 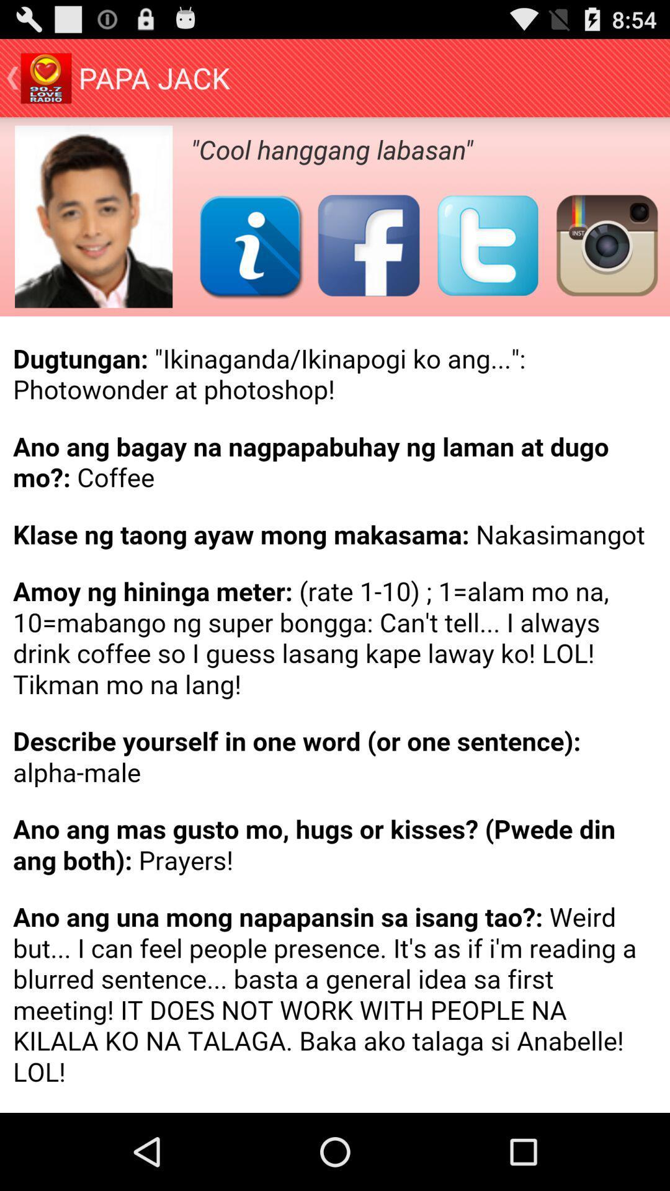 I want to click on access social network profile, so click(x=250, y=245).